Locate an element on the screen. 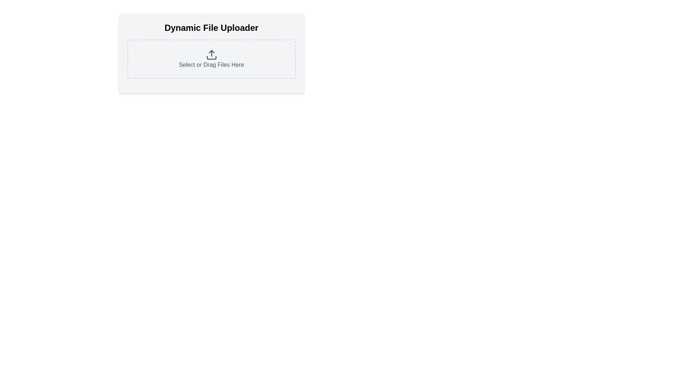  files onto the file input field located below the text 'Dynamic File Uploader' is located at coordinates (211, 58).